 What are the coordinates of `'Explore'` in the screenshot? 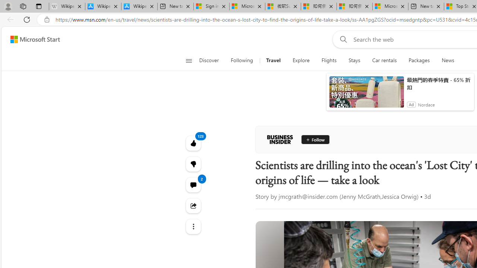 It's located at (301, 60).